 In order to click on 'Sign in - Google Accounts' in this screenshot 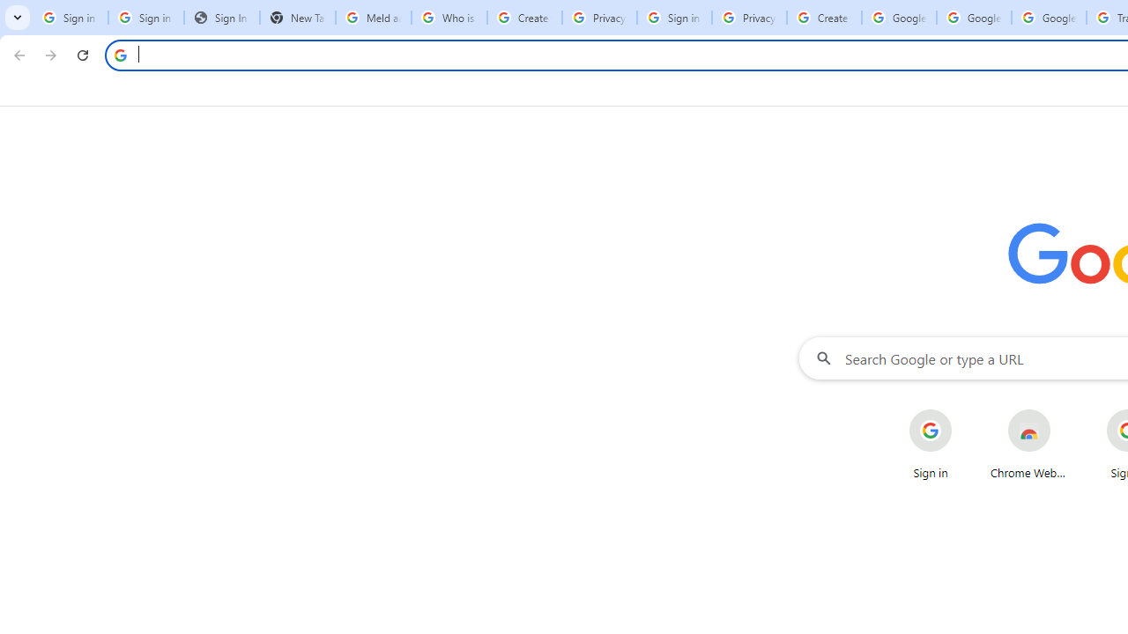, I will do `click(673, 18)`.